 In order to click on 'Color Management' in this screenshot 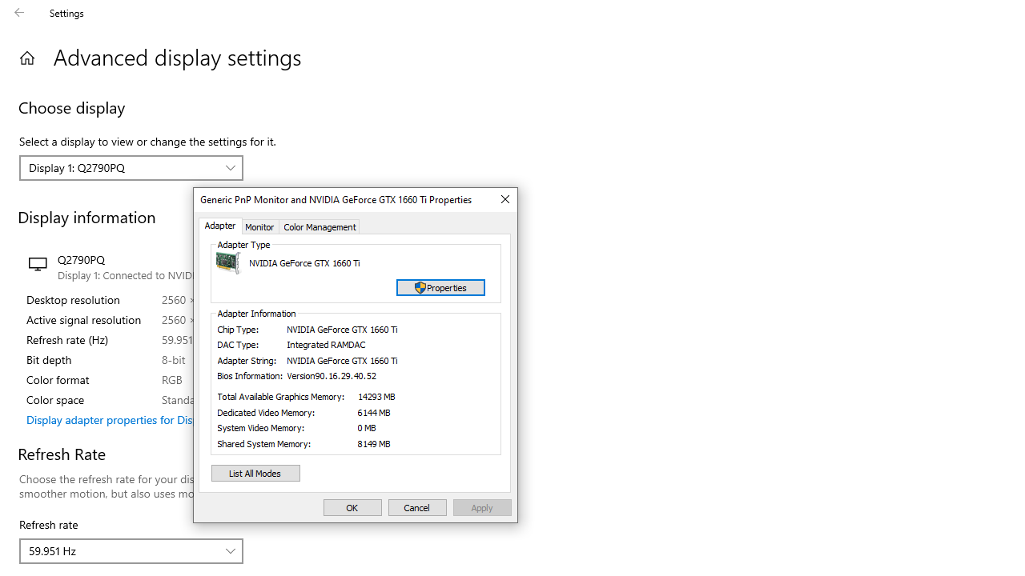, I will do `click(320, 226)`.